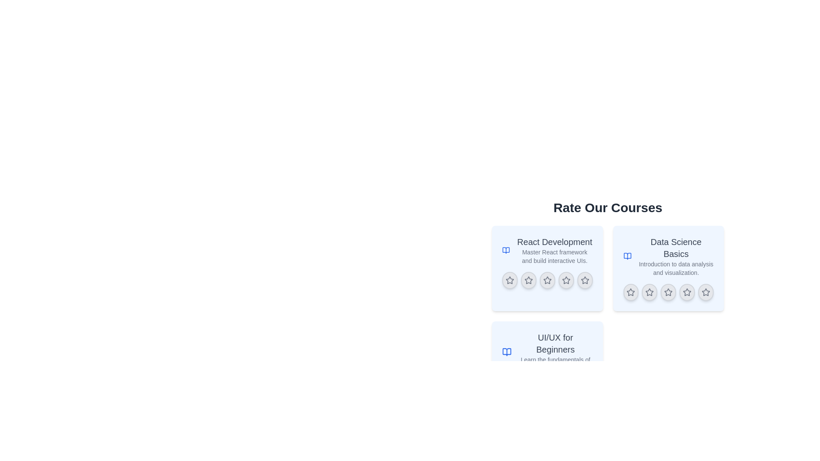  What do you see at coordinates (649, 292) in the screenshot?
I see `the fourth star icon` at bounding box center [649, 292].